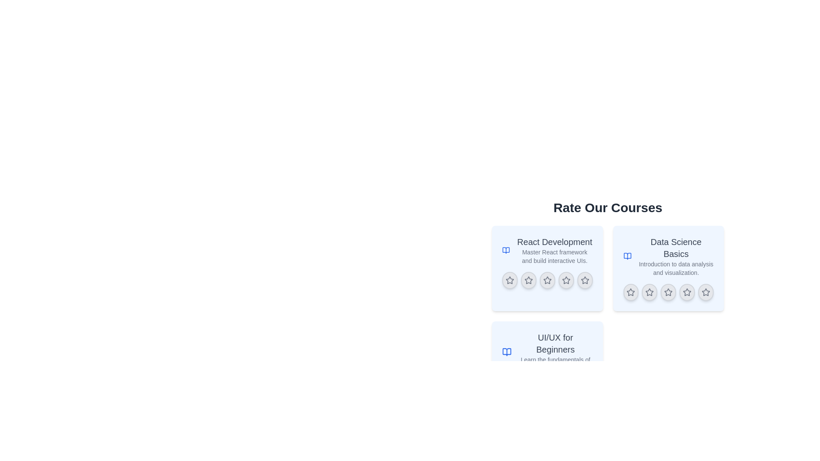  What do you see at coordinates (649, 292) in the screenshot?
I see `the fourth star icon` at bounding box center [649, 292].